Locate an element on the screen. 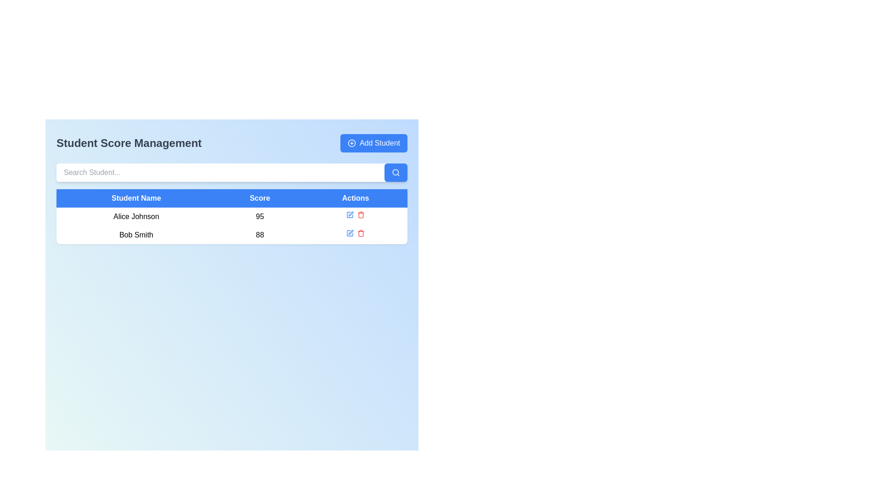 The image size is (882, 496). the text-based label displaying the score for the student 'Alice Johnson', located in the 'Score' column of the table is located at coordinates (259, 216).